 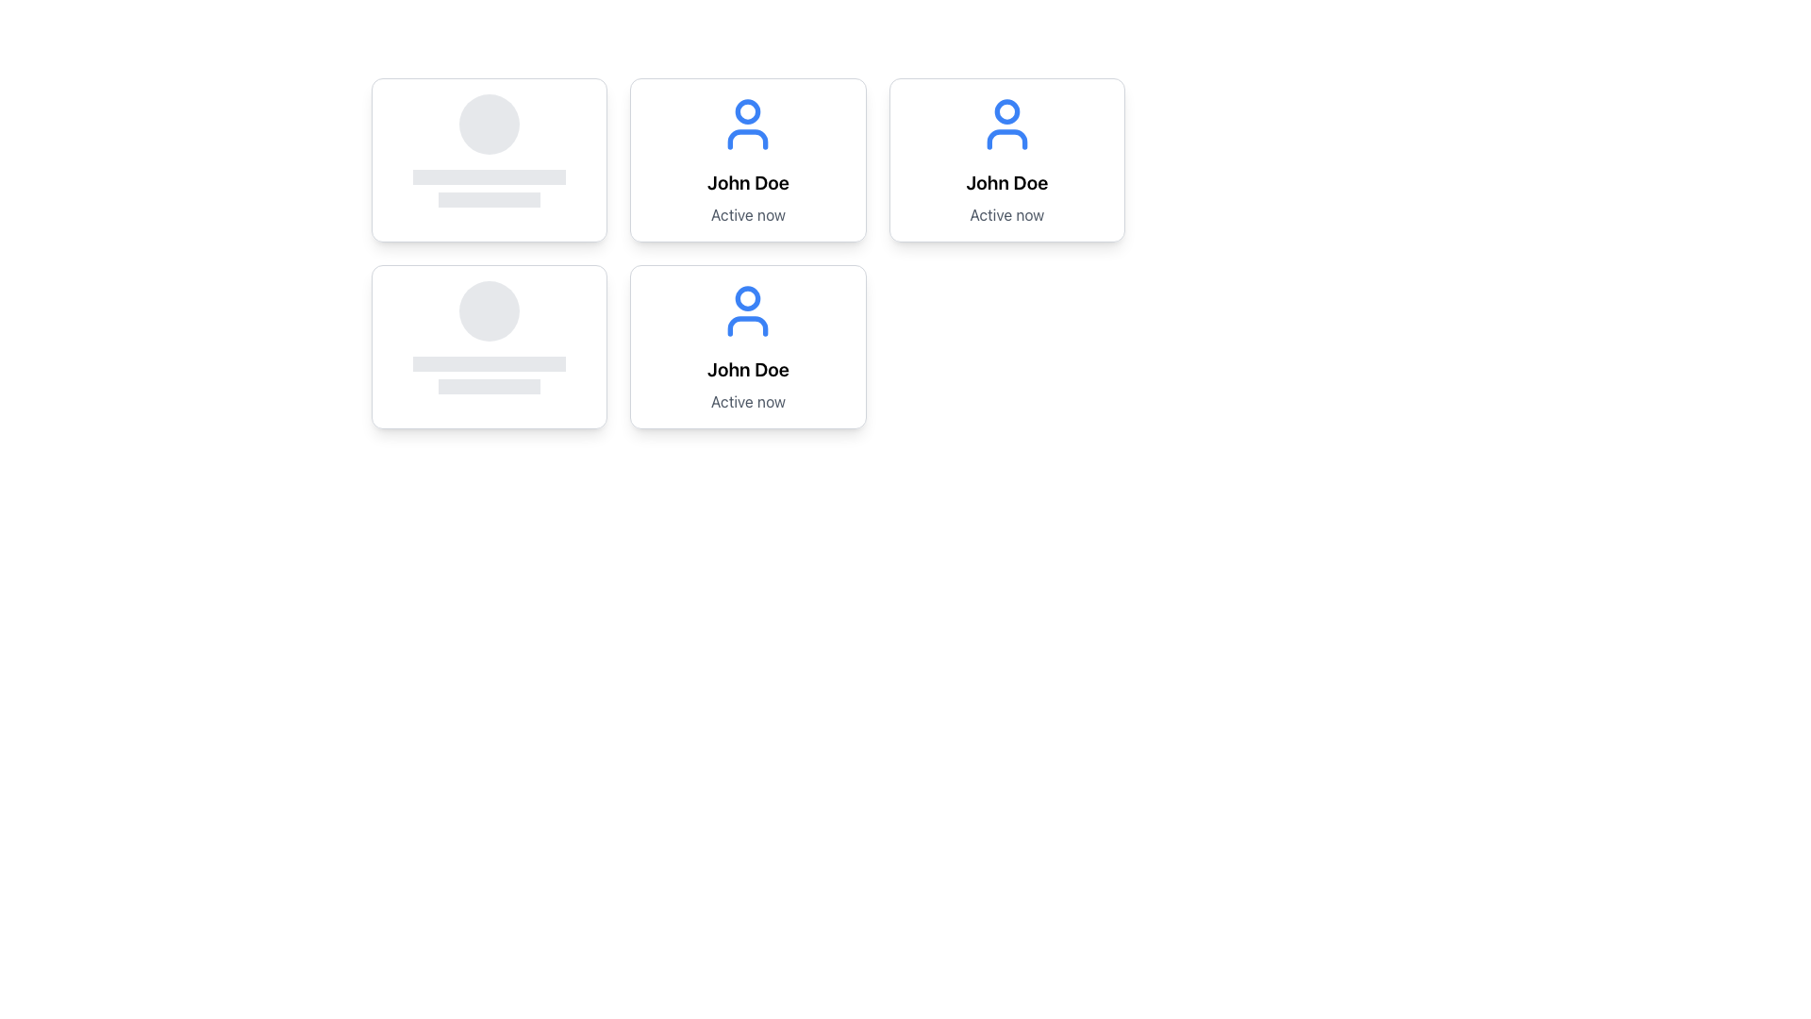 What do you see at coordinates (747, 124) in the screenshot?
I see `the blue-colored user icon, which is a circular head and torso-shaped graphical element located in the upper-right card of a 2-row, 3-column grid, above the name 'John Doe' and the status 'Active now'` at bounding box center [747, 124].